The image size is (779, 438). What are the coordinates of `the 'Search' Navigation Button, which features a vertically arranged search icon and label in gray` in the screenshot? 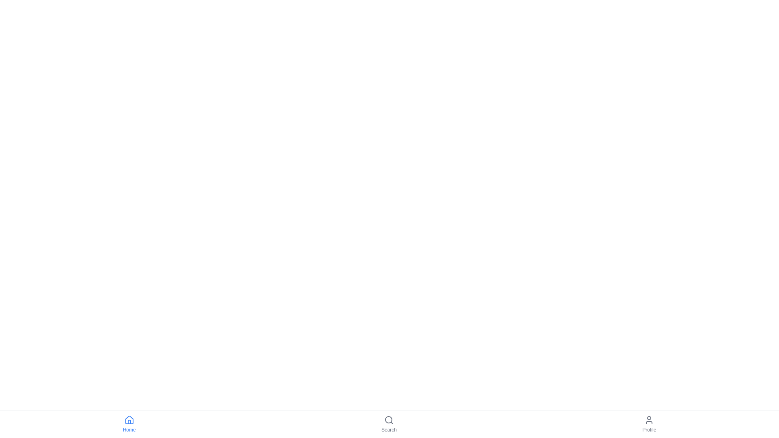 It's located at (389, 423).